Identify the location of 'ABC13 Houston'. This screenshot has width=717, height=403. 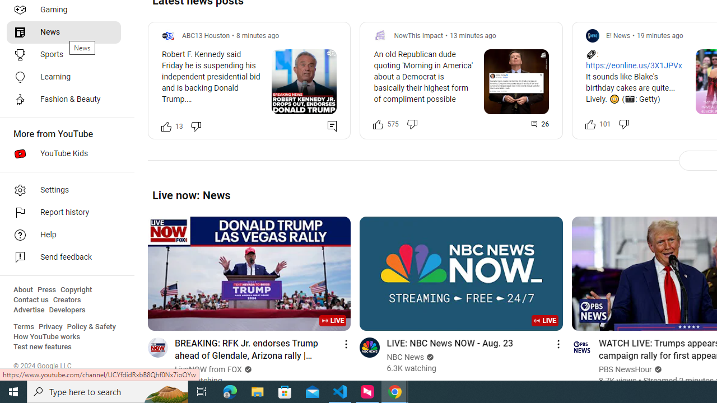
(206, 35).